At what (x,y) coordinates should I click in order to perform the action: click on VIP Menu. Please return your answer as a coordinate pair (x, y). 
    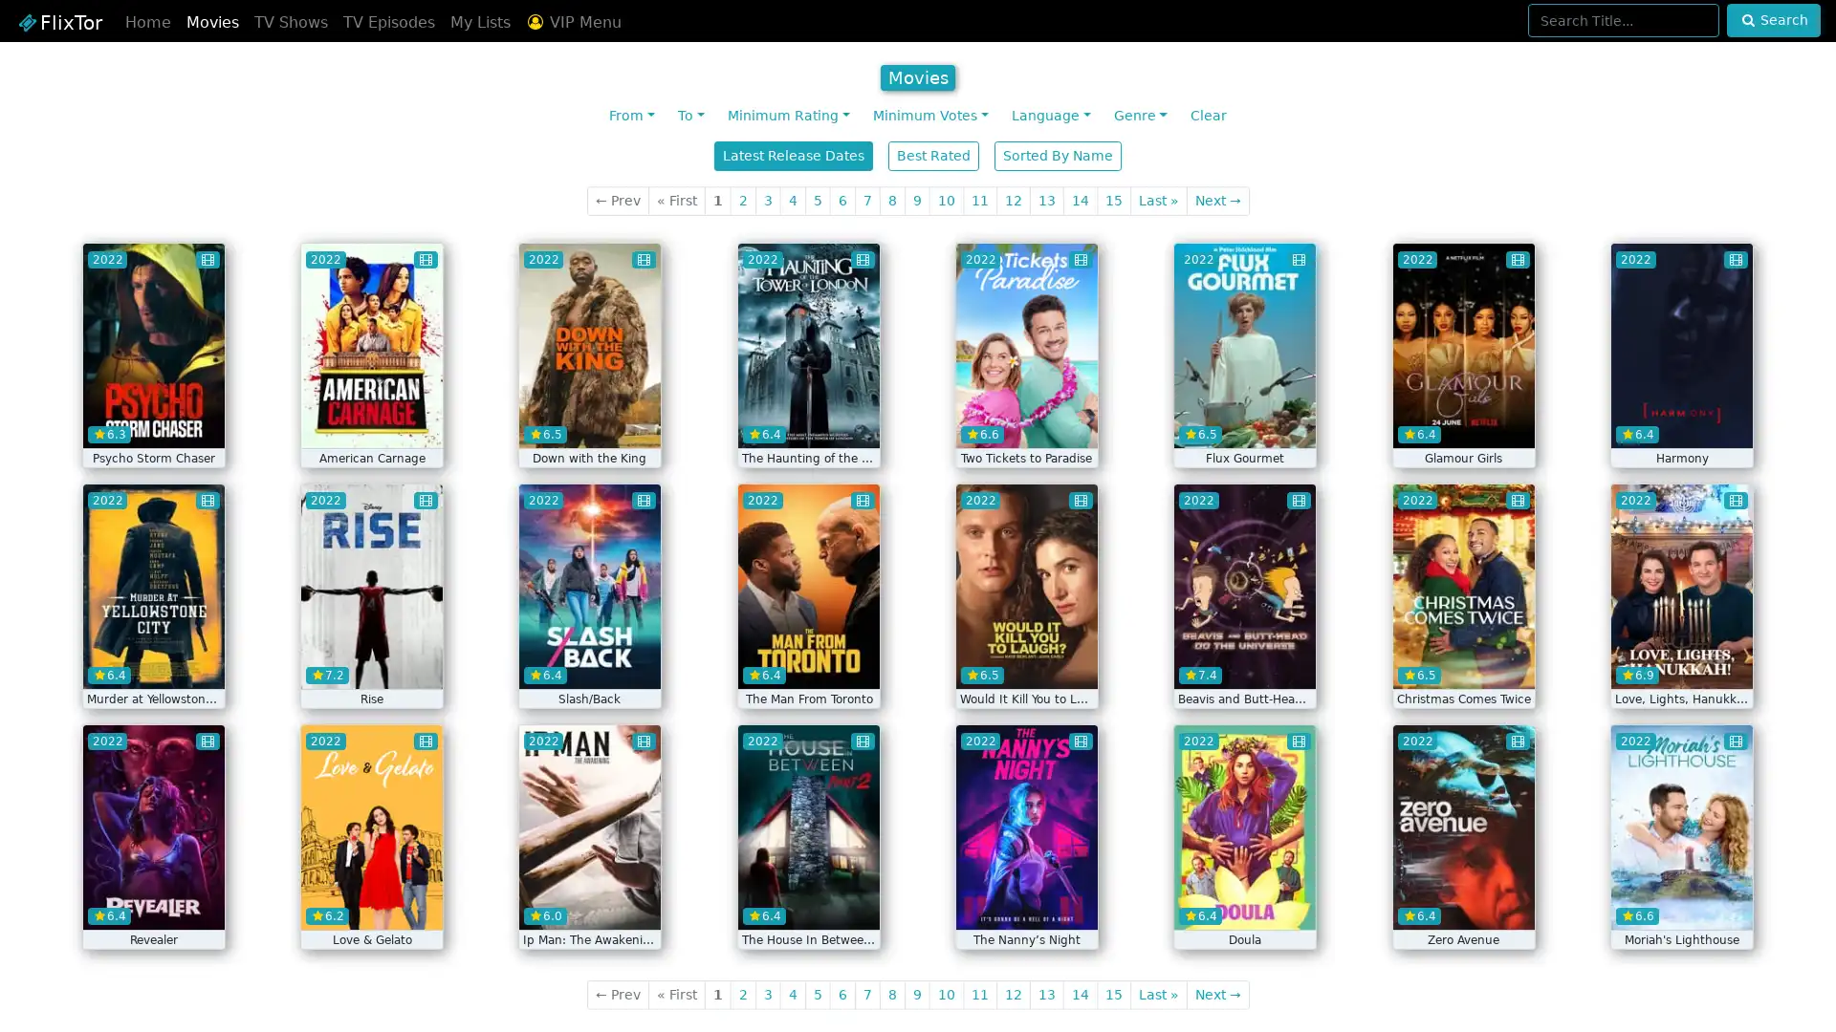
    Looking at the image, I should click on (572, 22).